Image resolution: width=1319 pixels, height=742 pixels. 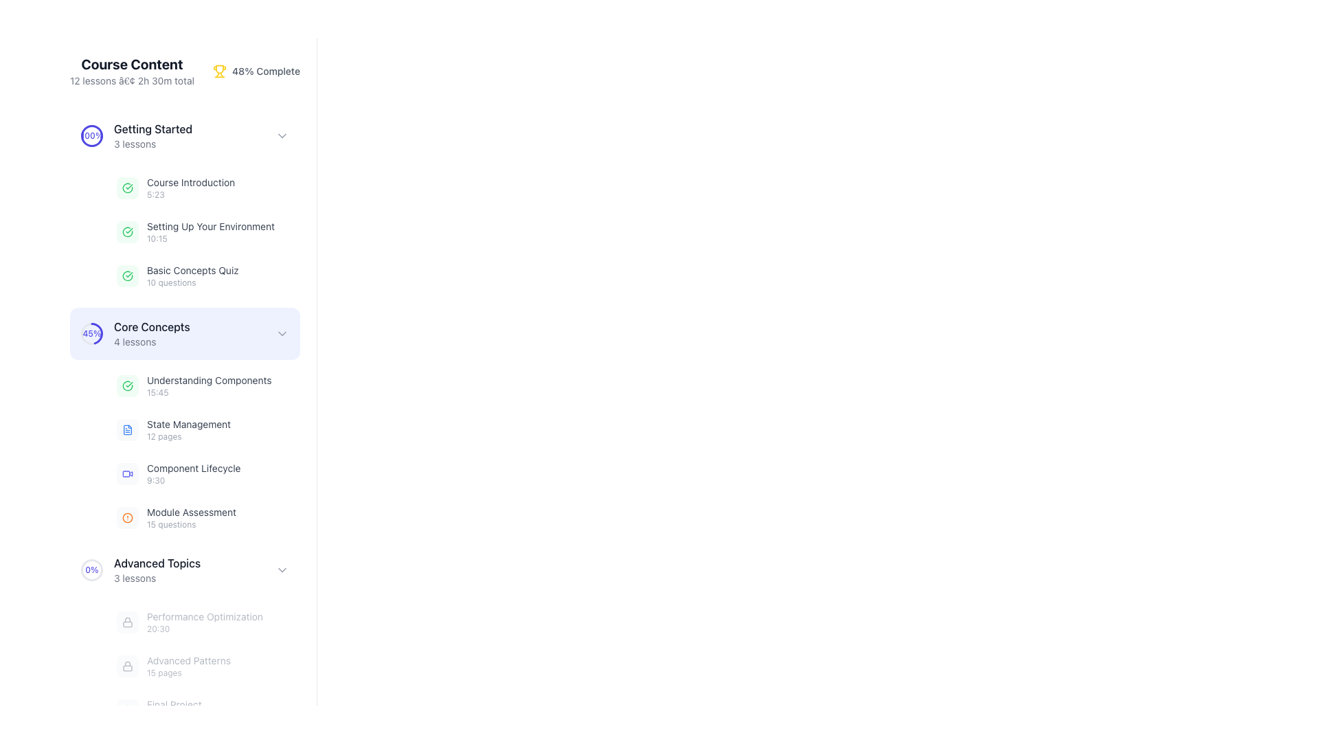 What do you see at coordinates (91, 570) in the screenshot?
I see `the circular progress indicator representing the progress tracking for the 'Advanced Topics' section, located to the left of its section header` at bounding box center [91, 570].